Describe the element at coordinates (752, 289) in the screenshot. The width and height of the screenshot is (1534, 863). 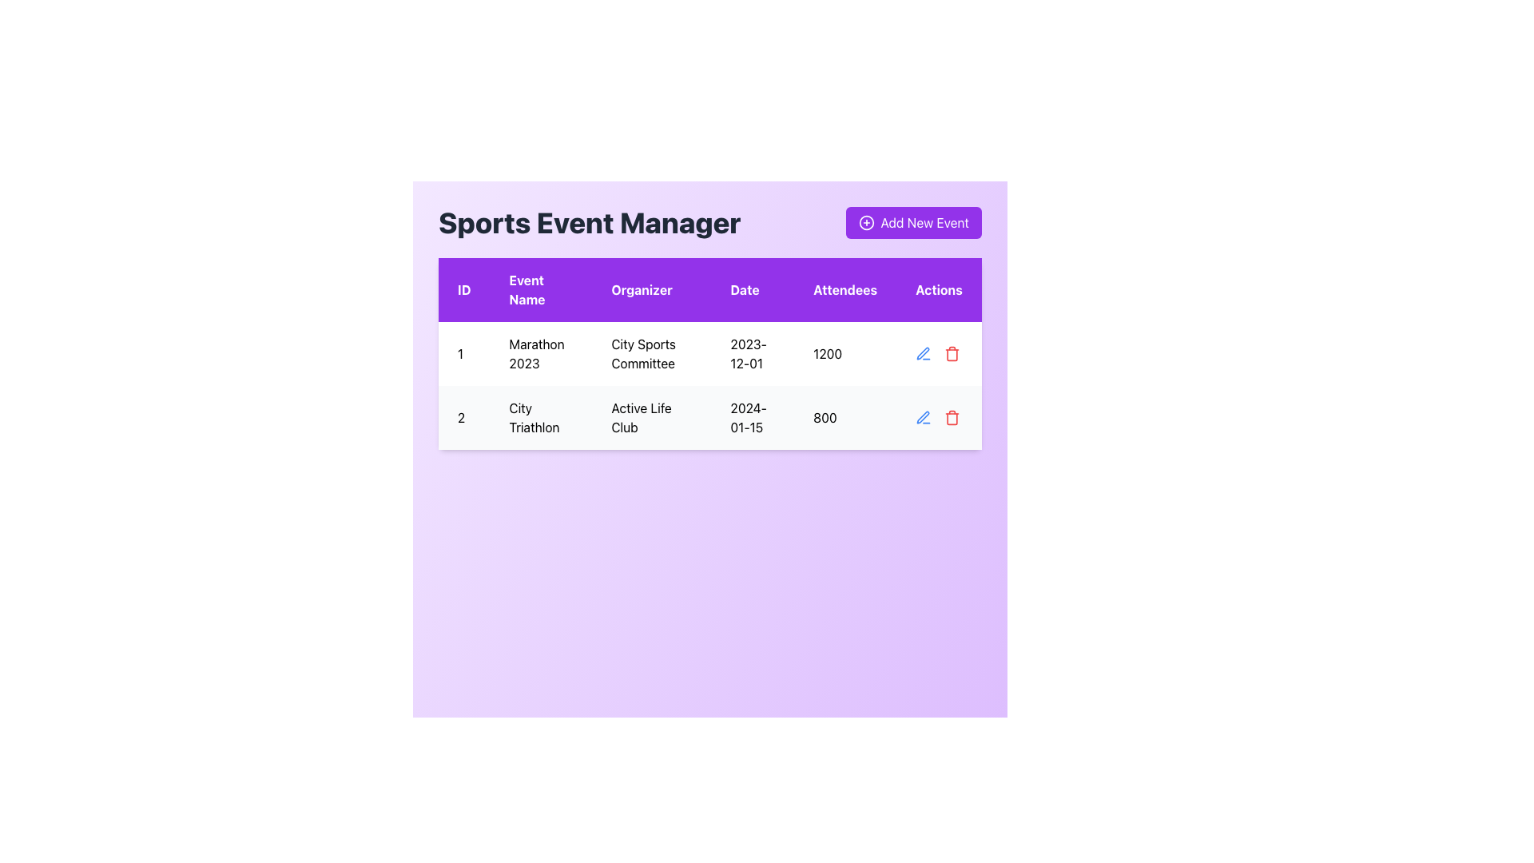
I see `the 'Date' column header label in the table, which is positioned in the fourth column of the header row` at that location.